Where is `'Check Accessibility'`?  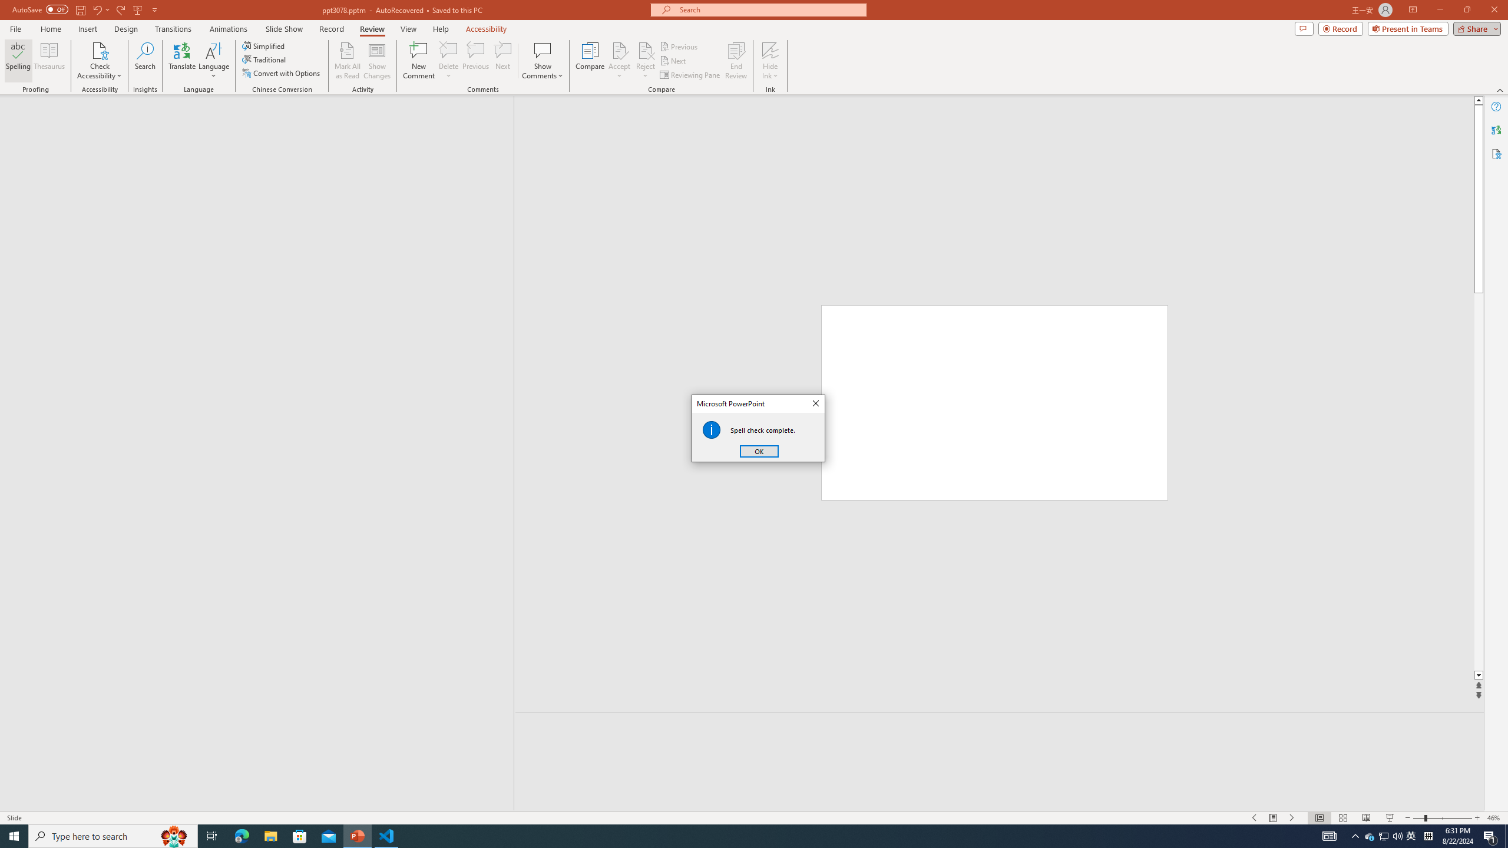 'Check Accessibility' is located at coordinates (98, 61).